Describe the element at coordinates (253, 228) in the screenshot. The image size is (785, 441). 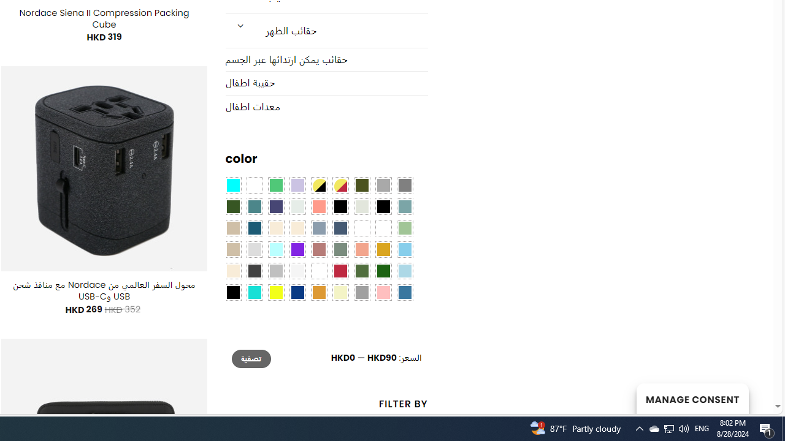
I see `'Capri Blue'` at that location.